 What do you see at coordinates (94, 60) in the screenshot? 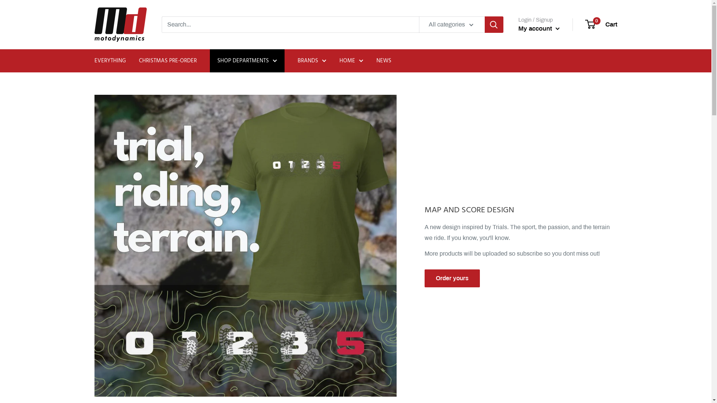
I see `'EVERYTHING'` at bounding box center [94, 60].